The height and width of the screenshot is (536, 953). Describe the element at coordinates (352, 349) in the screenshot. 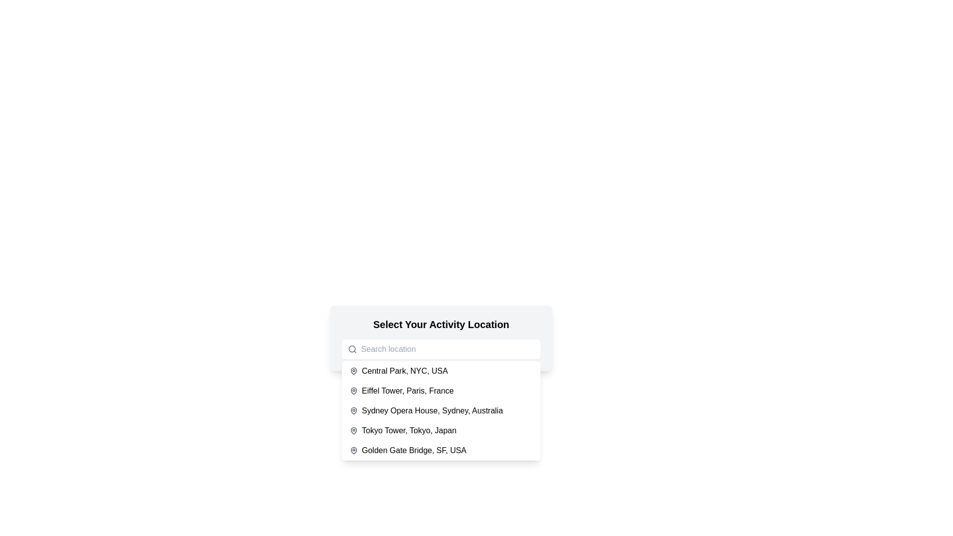

I see `the search icon located in the top-left corner of the search bar input field, which suggests search functionality` at that location.